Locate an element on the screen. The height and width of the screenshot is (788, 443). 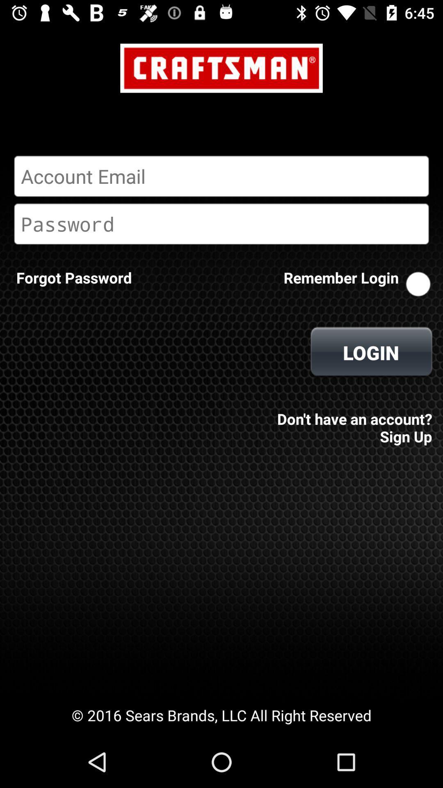
forgot password on the left is located at coordinates (74, 277).